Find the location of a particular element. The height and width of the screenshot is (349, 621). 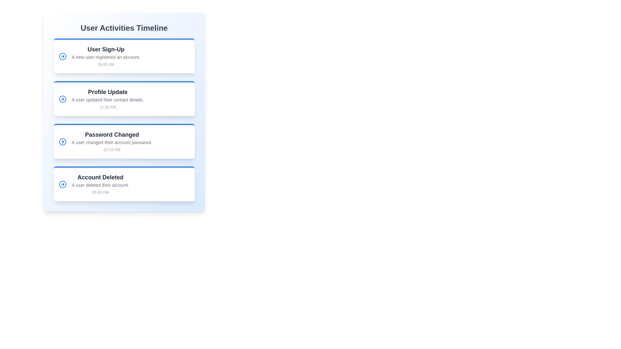

the icon located on the leftmost side of the 'Account Deleted' event card, which symbolizes the direction or flow of the action described in the card to its right is located at coordinates (62, 184).